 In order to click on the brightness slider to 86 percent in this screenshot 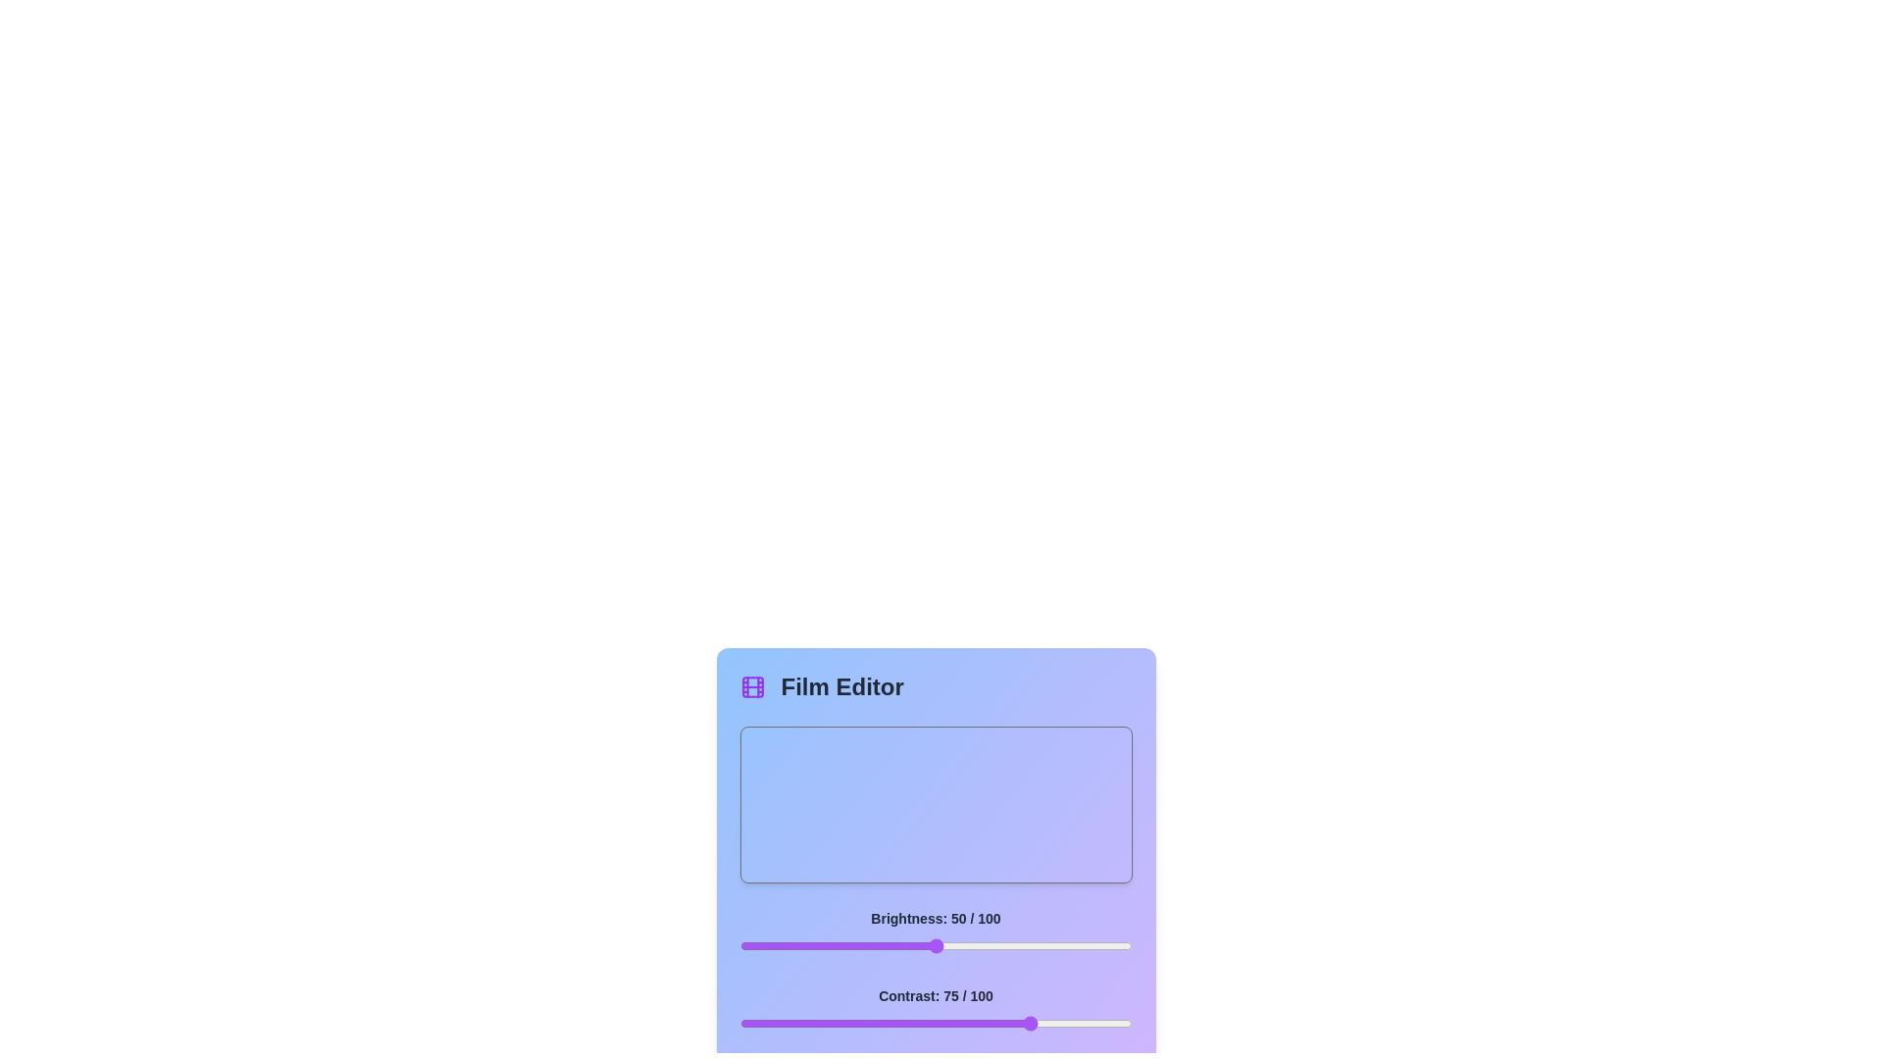, I will do `click(1076, 944)`.